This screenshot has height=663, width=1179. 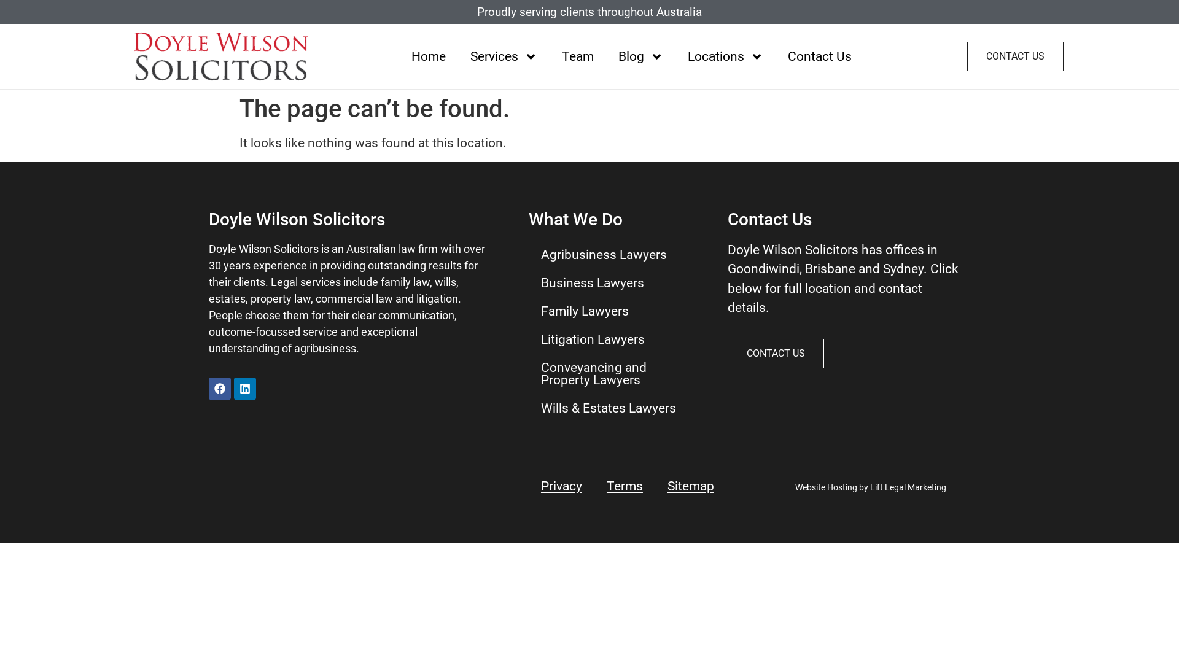 I want to click on 'Business Lawyers', so click(x=616, y=283).